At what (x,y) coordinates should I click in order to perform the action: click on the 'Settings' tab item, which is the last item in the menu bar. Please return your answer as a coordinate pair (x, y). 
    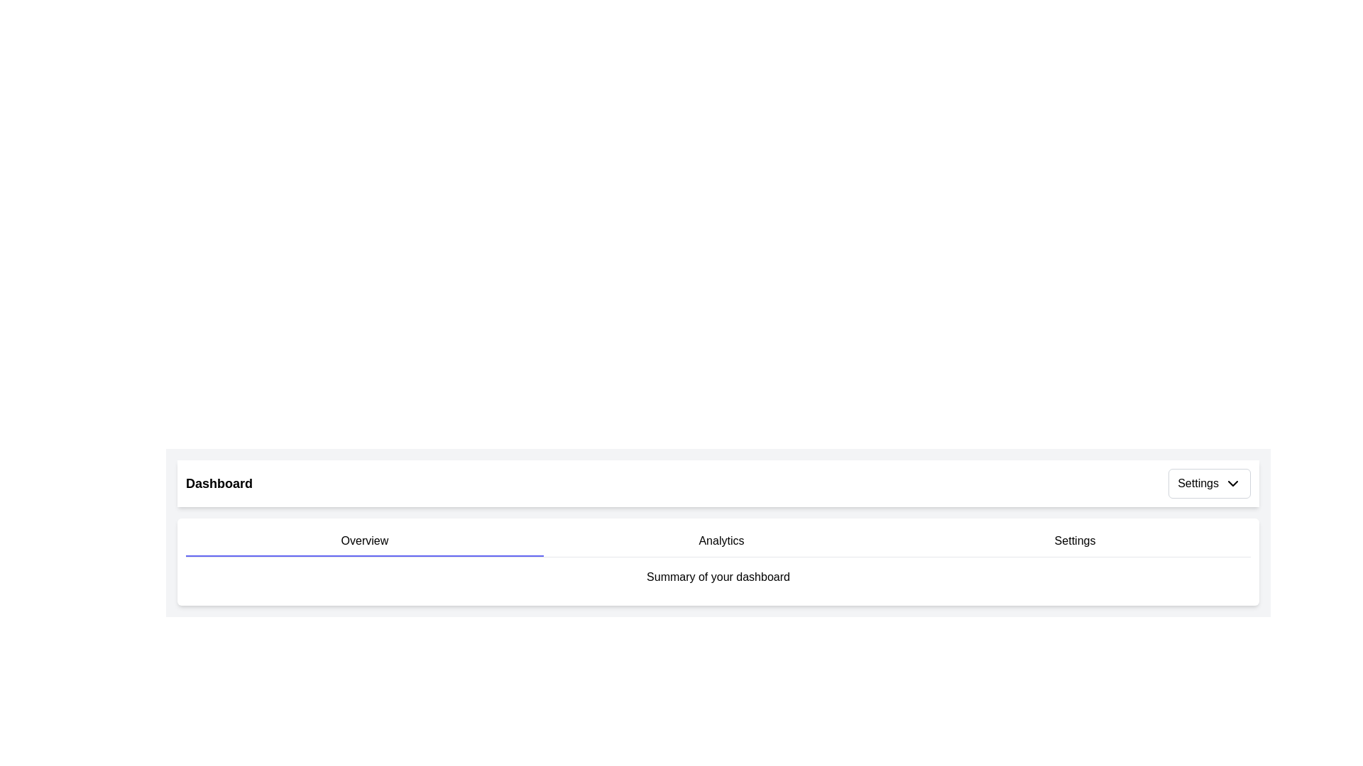
    Looking at the image, I should click on (1075, 541).